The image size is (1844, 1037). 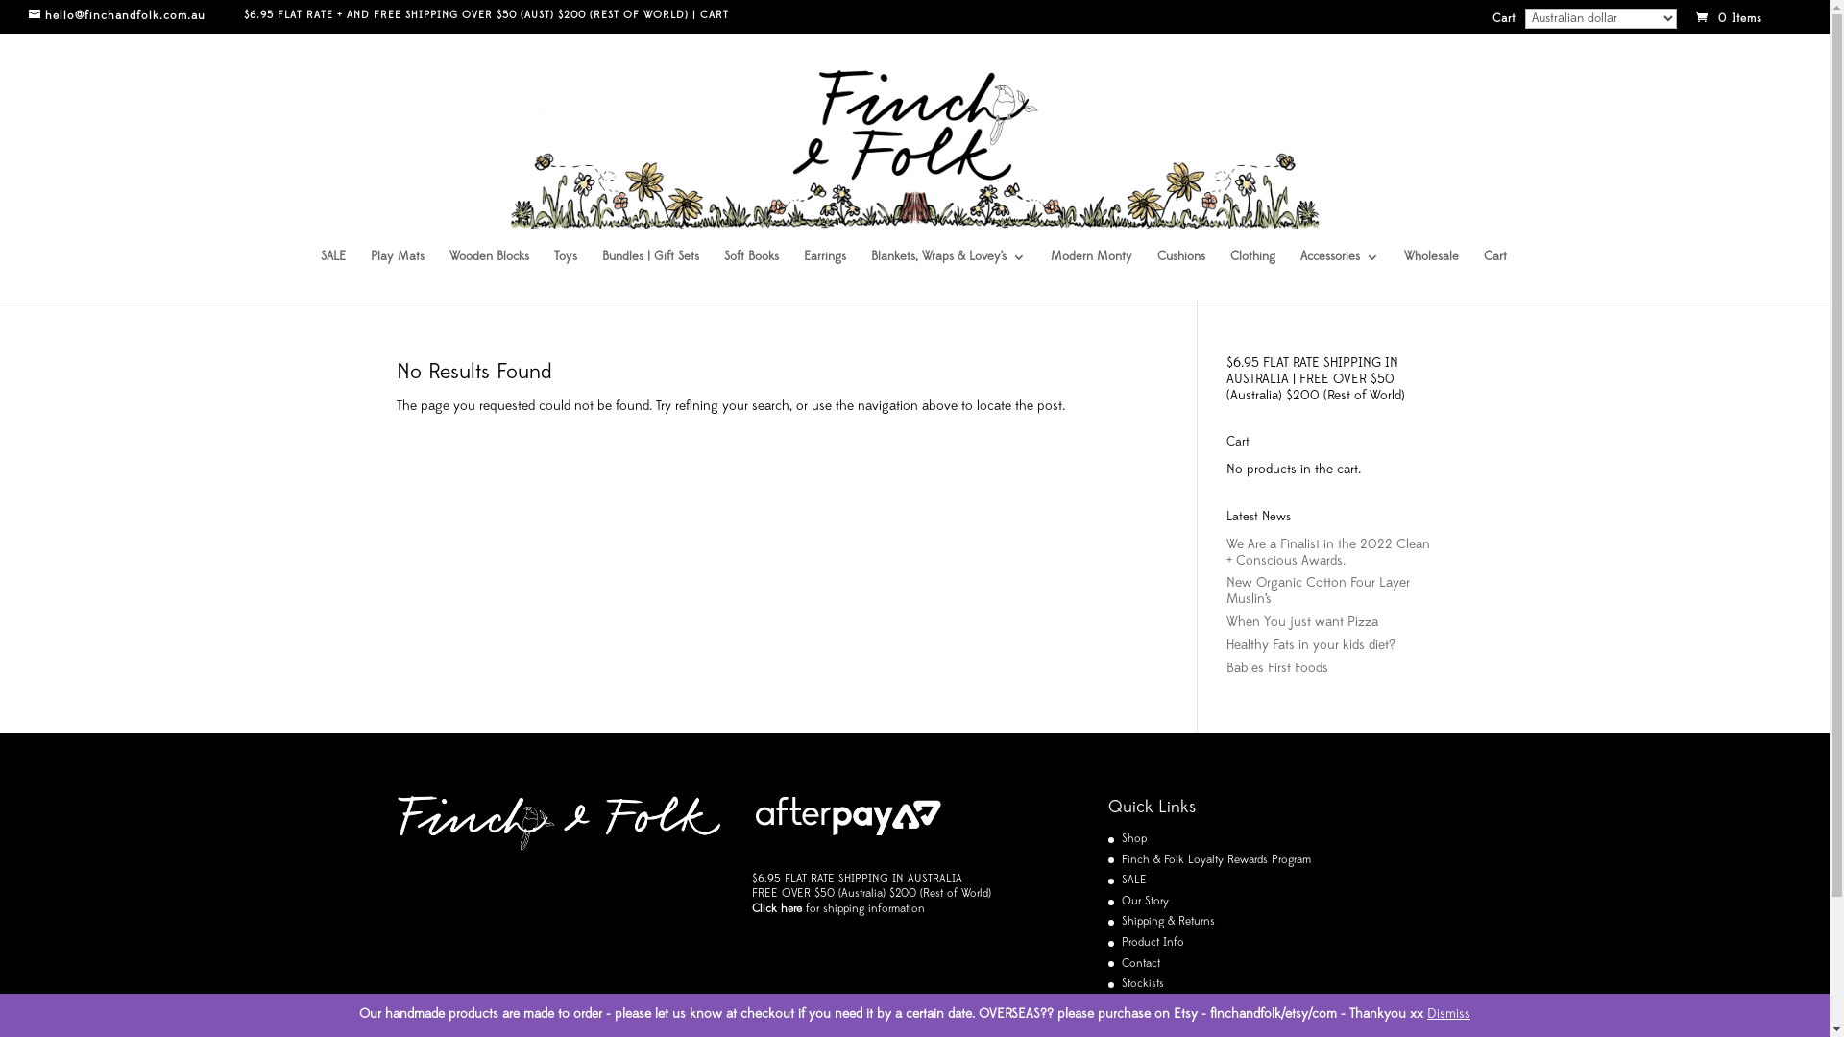 What do you see at coordinates (1121, 858) in the screenshot?
I see `'Finch & Folk Loyalty Rewards Program'` at bounding box center [1121, 858].